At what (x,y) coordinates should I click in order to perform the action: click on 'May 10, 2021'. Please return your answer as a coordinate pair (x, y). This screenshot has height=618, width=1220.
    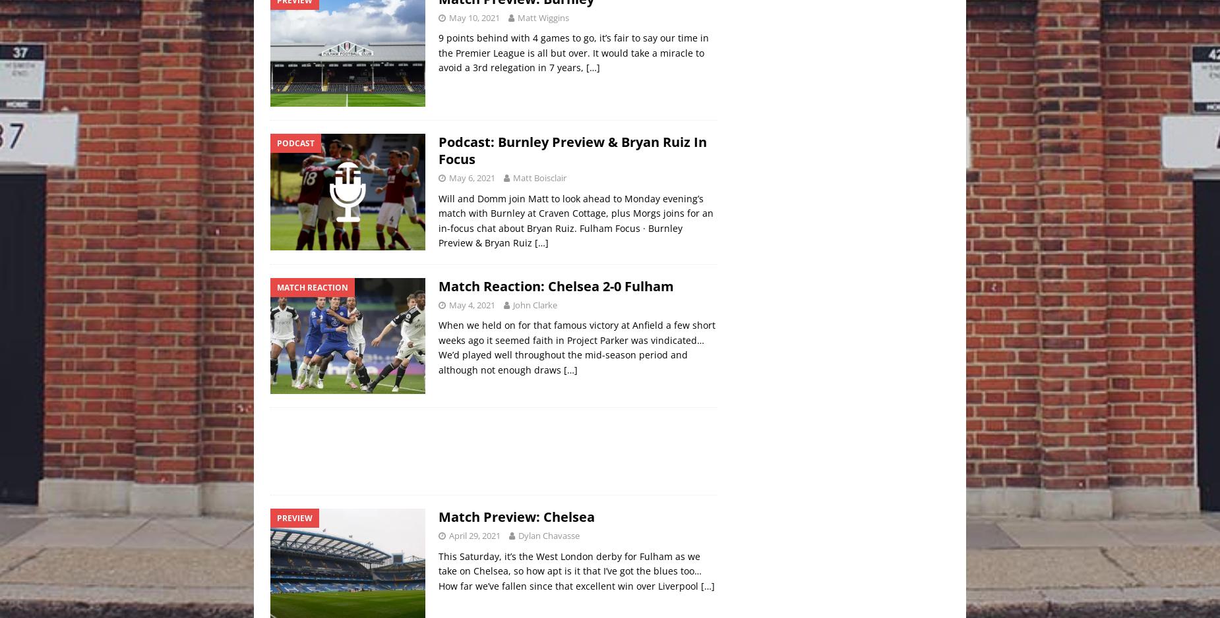
    Looking at the image, I should click on (474, 16).